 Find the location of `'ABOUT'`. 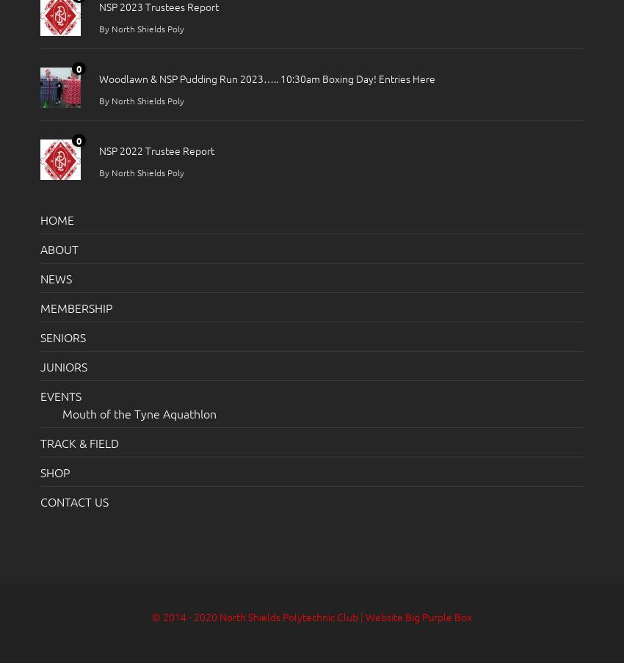

'ABOUT' is located at coordinates (59, 247).